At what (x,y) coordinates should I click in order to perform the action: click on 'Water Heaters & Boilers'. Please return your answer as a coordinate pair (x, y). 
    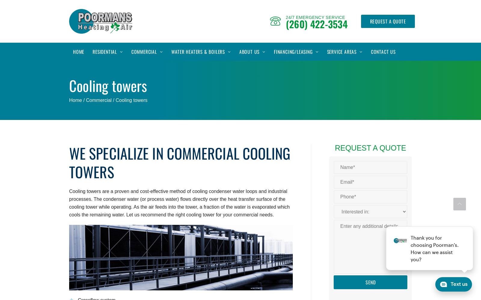
    Looking at the image, I should click on (198, 51).